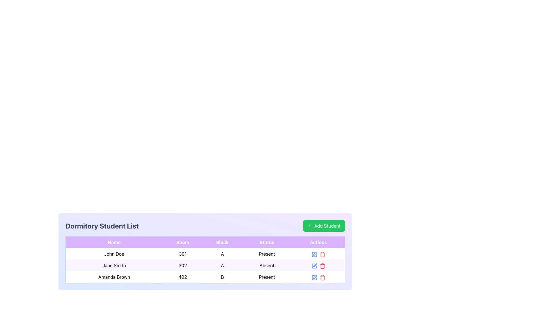 The width and height of the screenshot is (556, 312). Describe the element at coordinates (323, 226) in the screenshot. I see `the 'Add Student' button located in the header section of the 'Dormitory Student List'` at that location.